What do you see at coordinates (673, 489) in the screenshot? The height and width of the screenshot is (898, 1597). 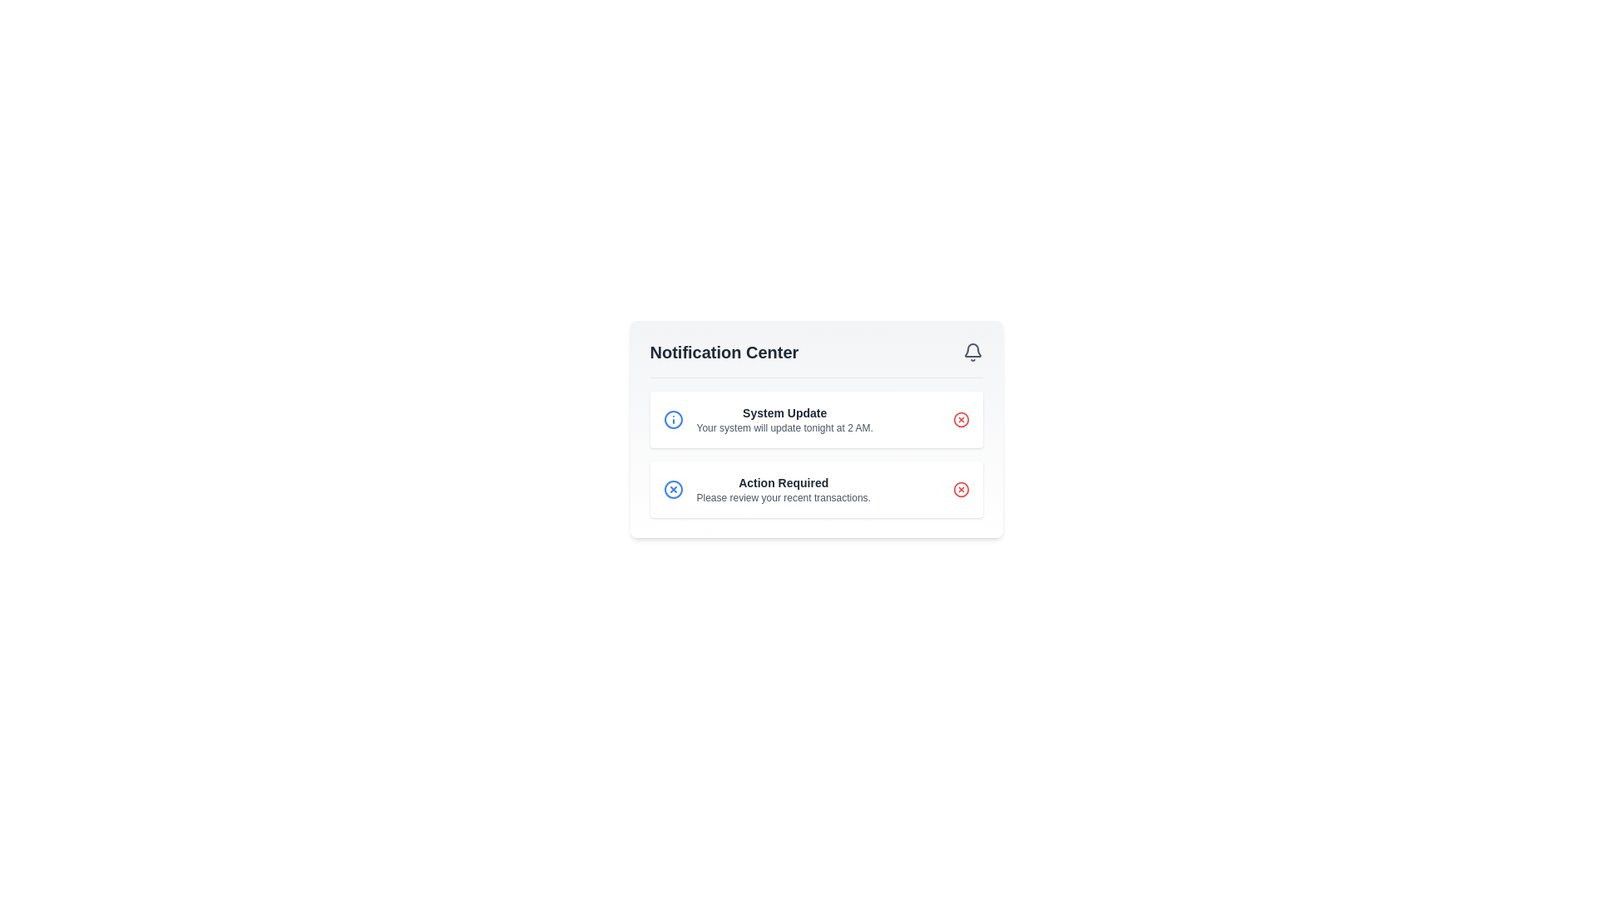 I see `the alert icon located in the second notification card labeled 'Action Required', which is positioned adjacent to the card's left border and aligned vertically with the notification text` at bounding box center [673, 489].